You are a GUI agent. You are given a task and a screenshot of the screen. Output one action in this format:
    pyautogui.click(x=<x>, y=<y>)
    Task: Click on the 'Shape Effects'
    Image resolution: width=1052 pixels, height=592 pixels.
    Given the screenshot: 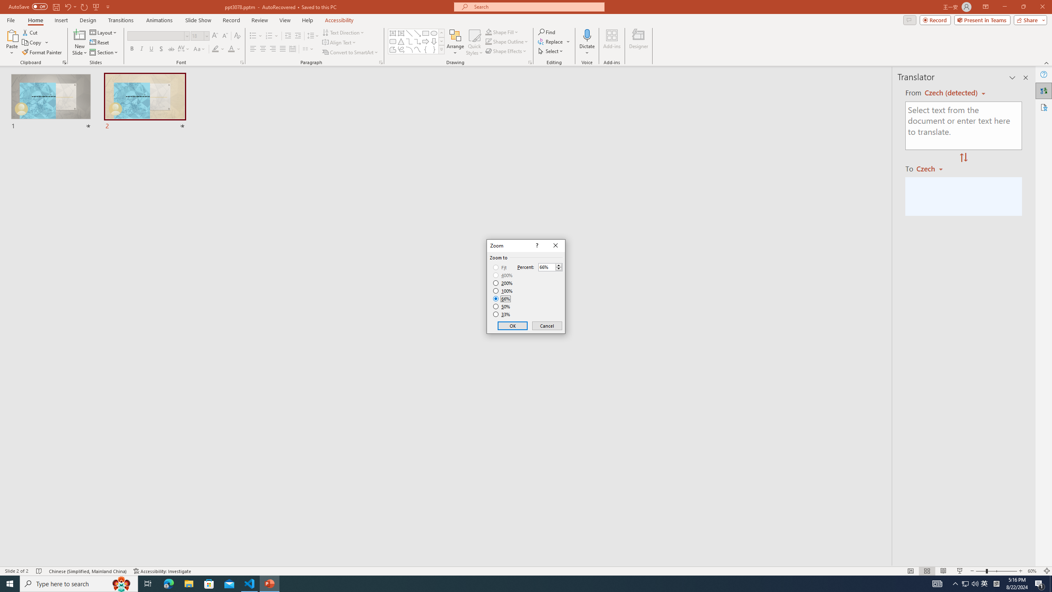 What is the action you would take?
    pyautogui.click(x=506, y=50)
    